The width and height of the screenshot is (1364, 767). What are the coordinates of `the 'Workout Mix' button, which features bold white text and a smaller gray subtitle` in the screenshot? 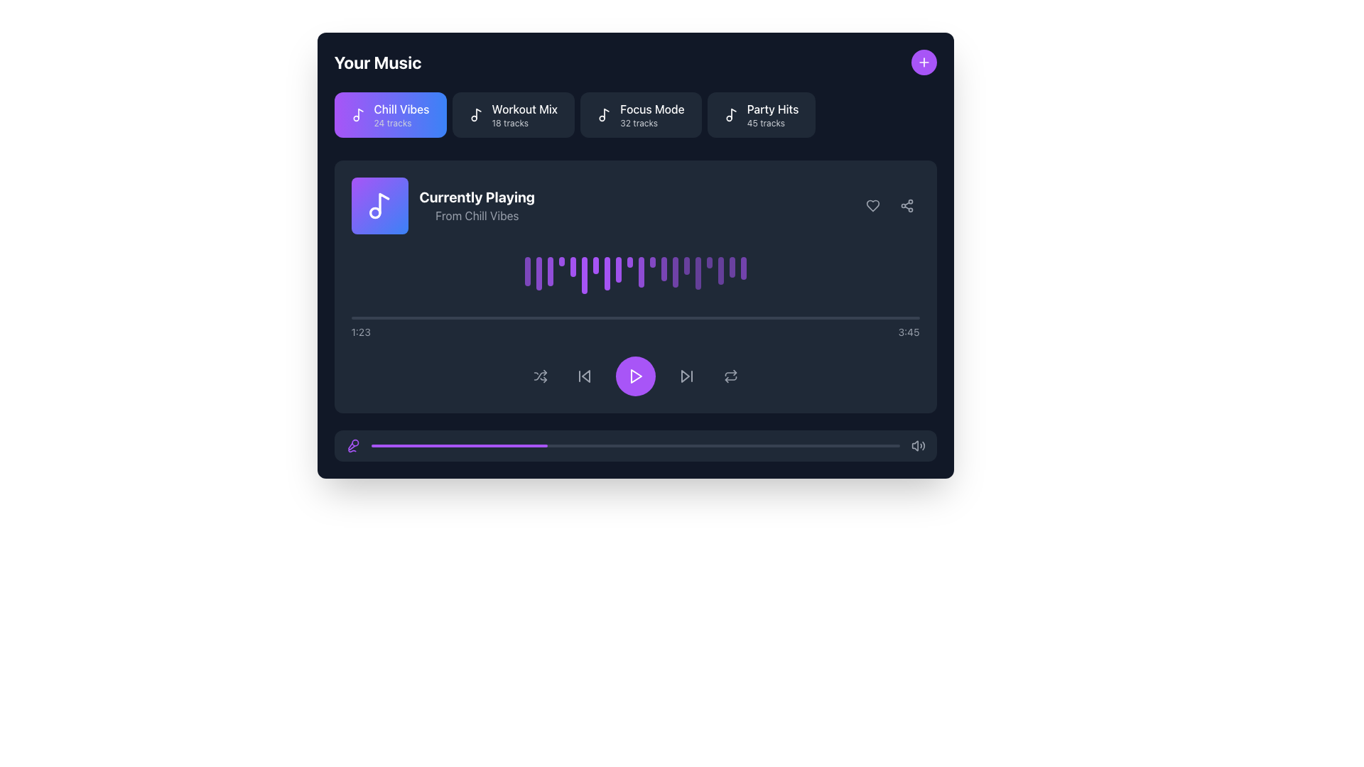 It's located at (524, 114).